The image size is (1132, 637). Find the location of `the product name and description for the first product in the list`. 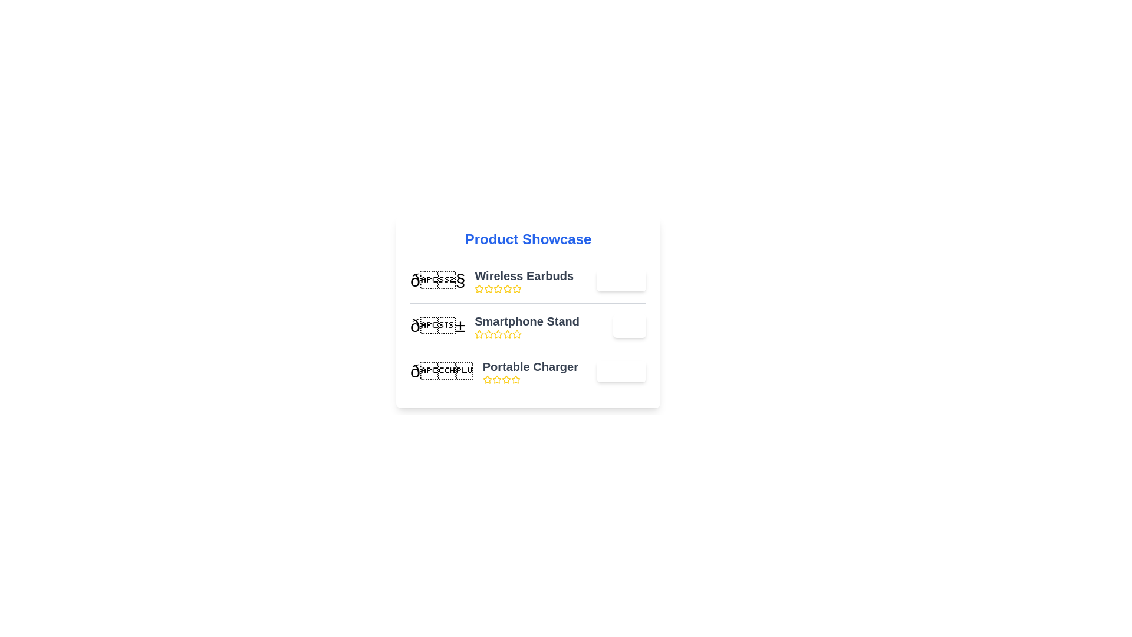

the product name and description for the first product in the list is located at coordinates (492, 280).